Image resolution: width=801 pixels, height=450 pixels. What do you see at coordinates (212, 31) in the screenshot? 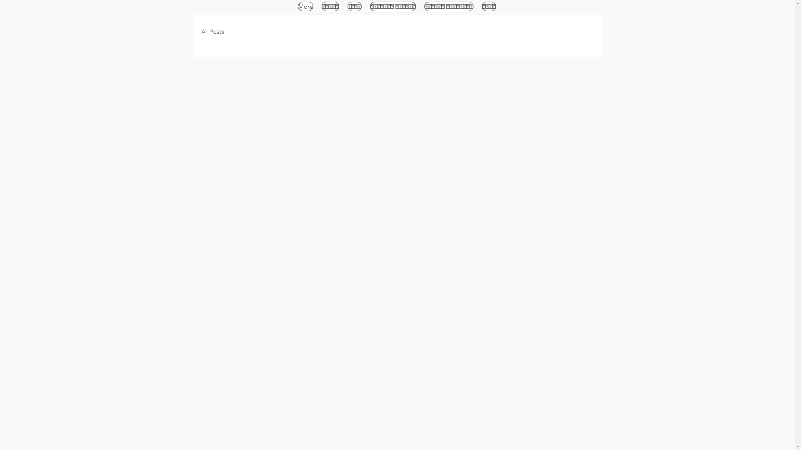
I see `'All Posts'` at bounding box center [212, 31].